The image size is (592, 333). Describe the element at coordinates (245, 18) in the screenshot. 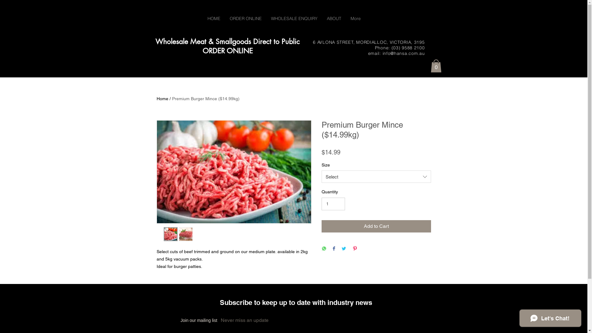

I see `'ORDER ONLINE'` at that location.